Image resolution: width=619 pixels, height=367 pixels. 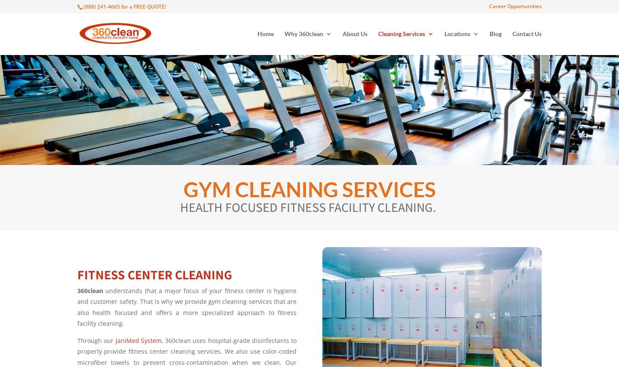 I want to click on 'PANAMA CITY', so click(x=585, y=193).